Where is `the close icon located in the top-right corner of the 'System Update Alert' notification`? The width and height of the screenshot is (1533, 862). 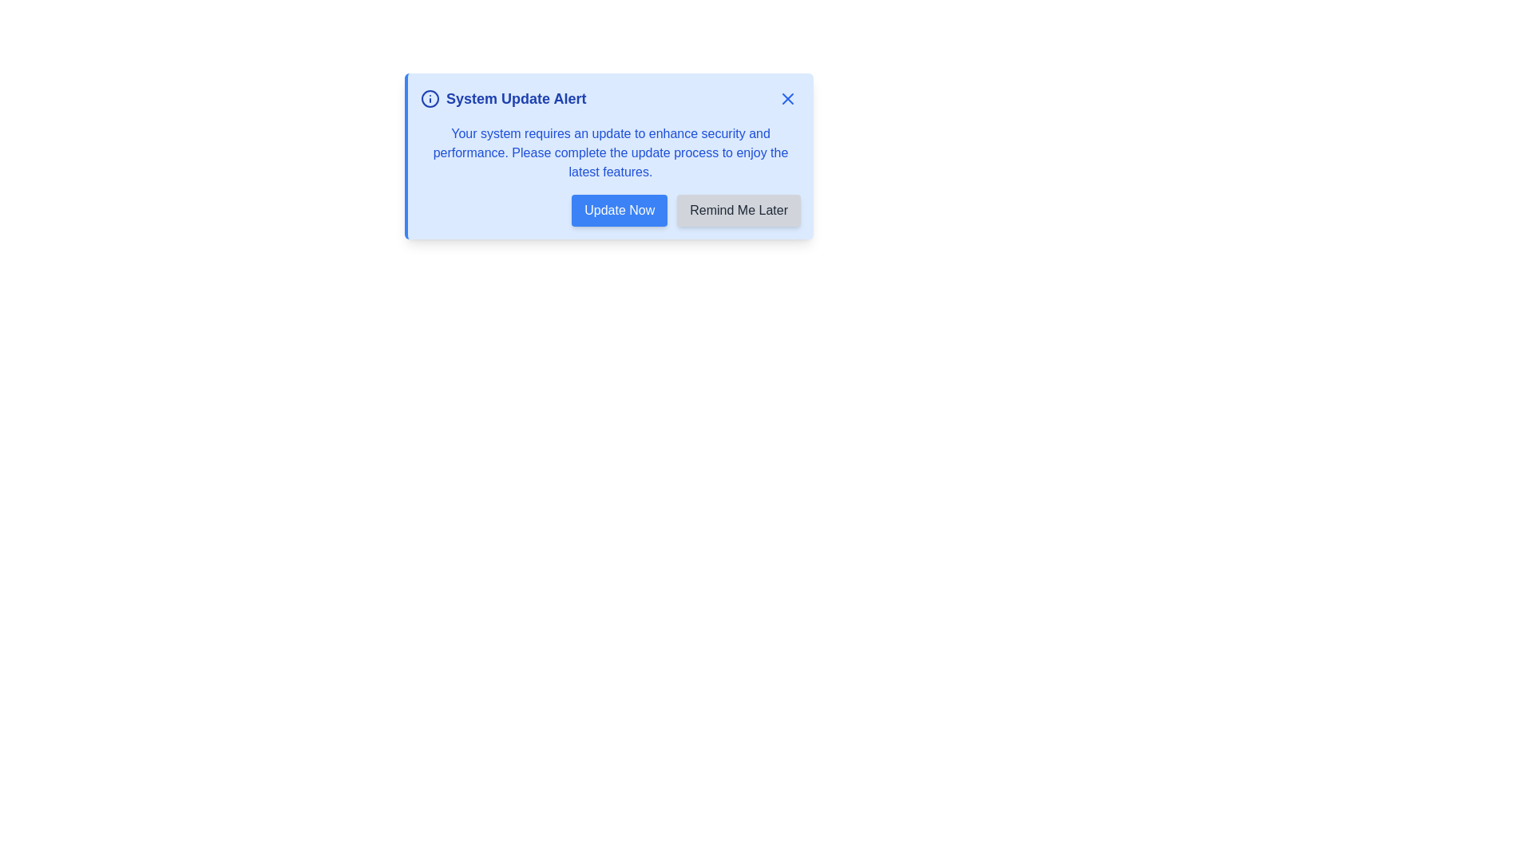 the close icon located in the top-right corner of the 'System Update Alert' notification is located at coordinates (788, 98).